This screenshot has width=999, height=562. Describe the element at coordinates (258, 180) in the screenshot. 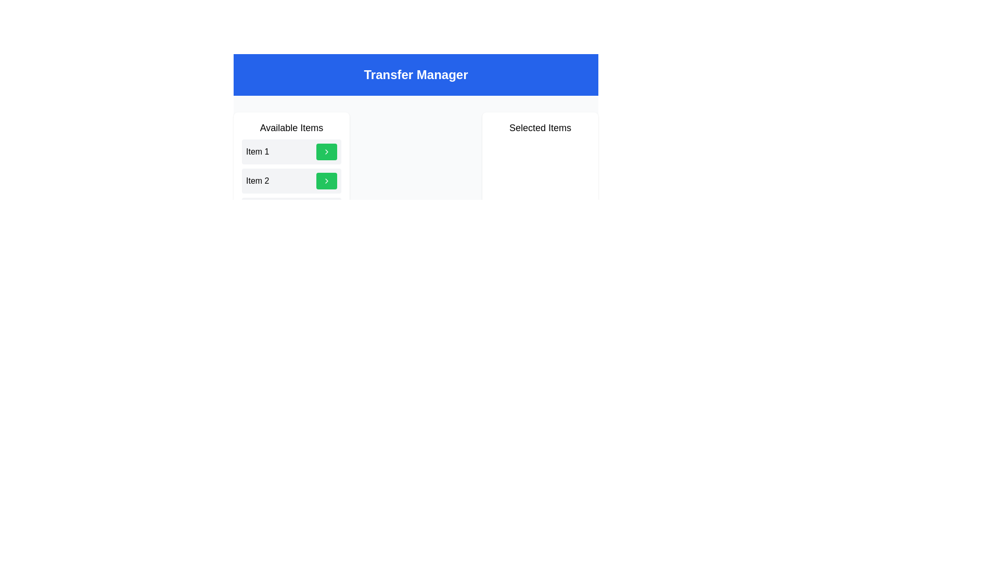

I see `the 'Item 2' text label in the gray box with rounded corners` at that location.